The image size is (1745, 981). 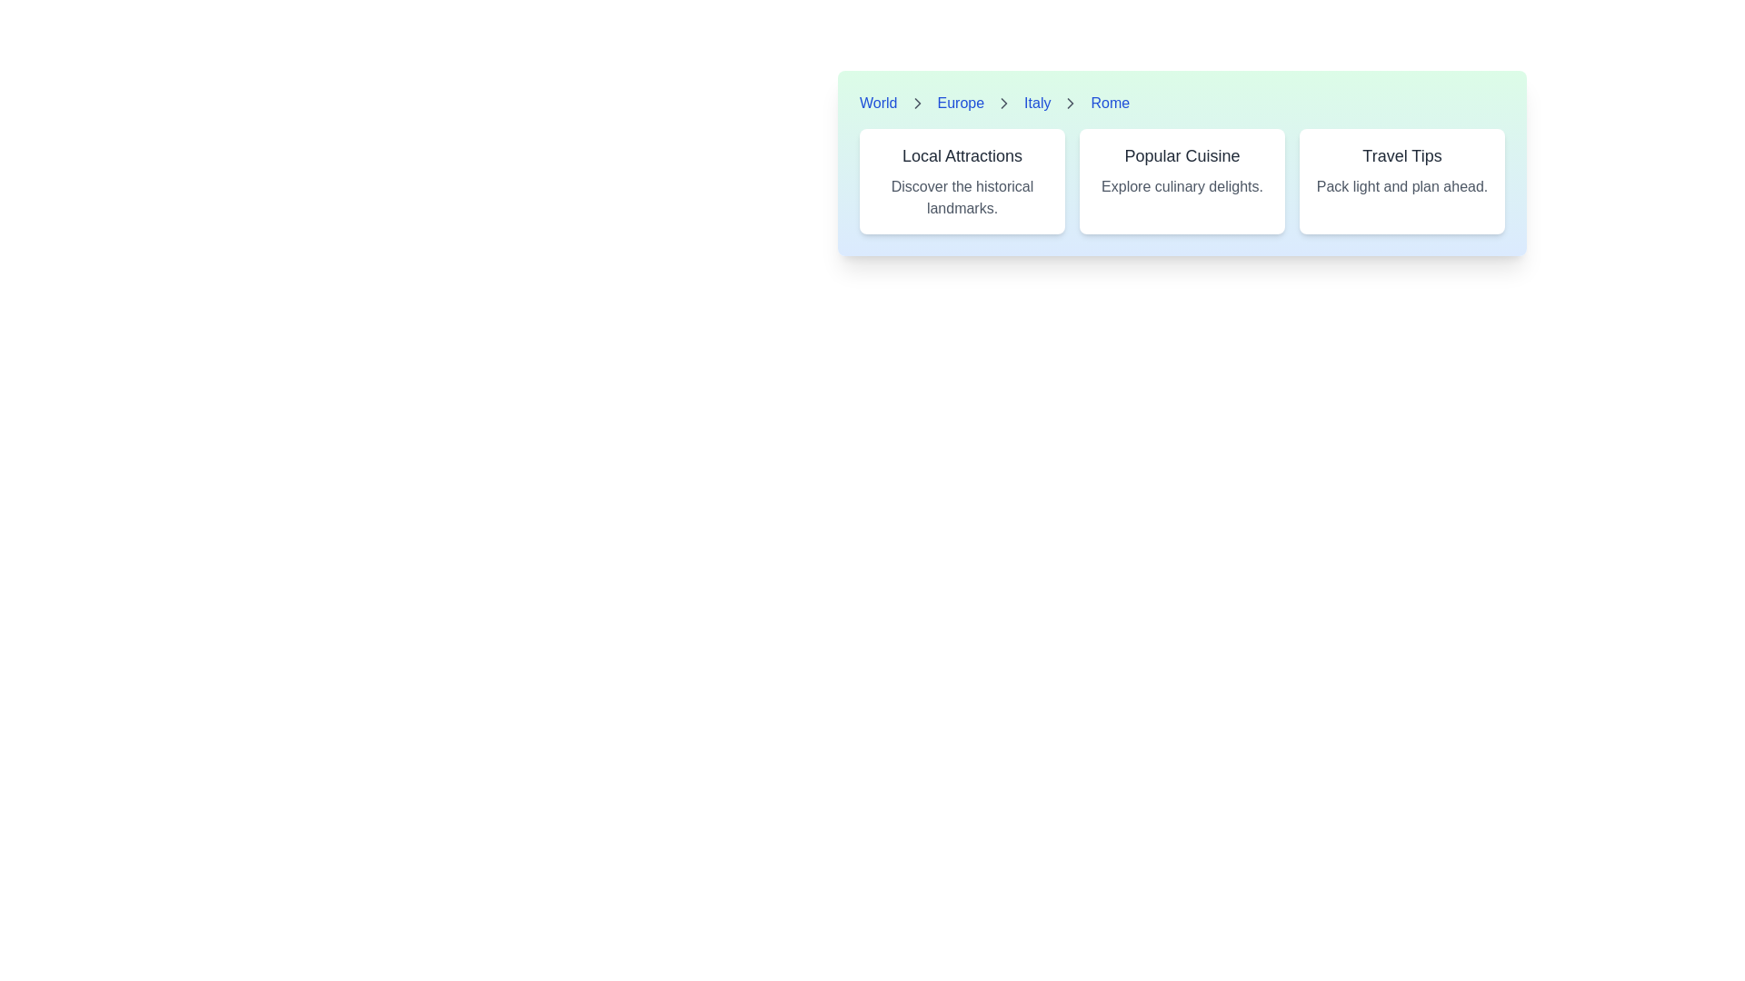 What do you see at coordinates (1182, 186) in the screenshot?
I see `the text label displaying 'Explore culinary delights.' which is located below the 'Popular Cuisine' heading in the white card` at bounding box center [1182, 186].